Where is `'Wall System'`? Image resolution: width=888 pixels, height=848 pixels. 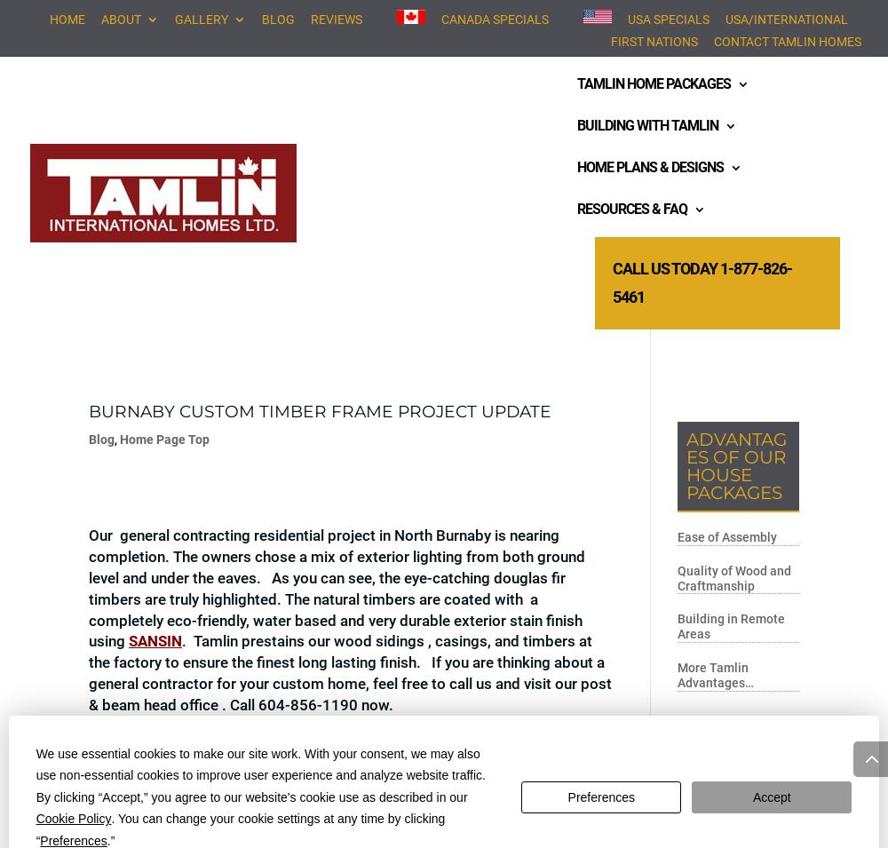 'Wall System' is located at coordinates (434, 261).